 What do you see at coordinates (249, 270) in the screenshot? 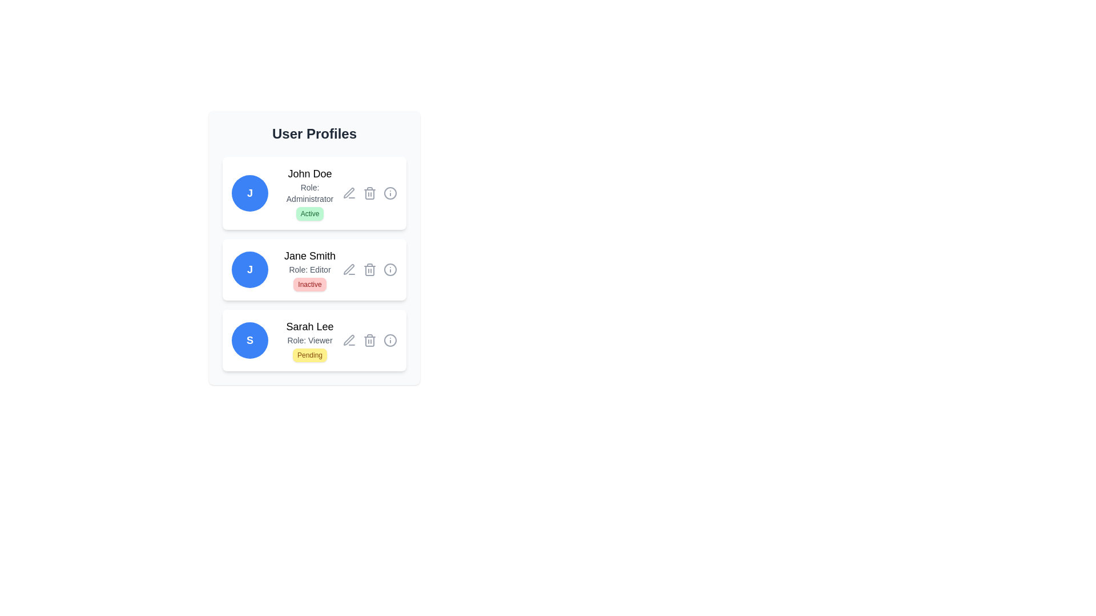
I see `the circular blue icon with a white 'J' for the user profile of 'Jane Smith', located at the leftmost side of the profile element` at bounding box center [249, 270].